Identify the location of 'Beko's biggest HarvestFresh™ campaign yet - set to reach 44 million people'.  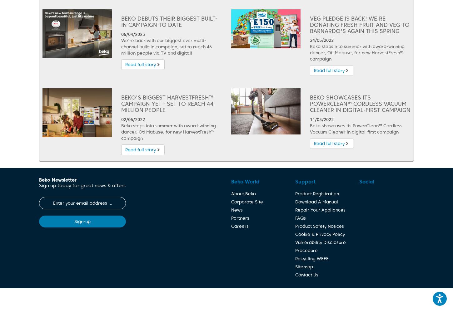
(121, 103).